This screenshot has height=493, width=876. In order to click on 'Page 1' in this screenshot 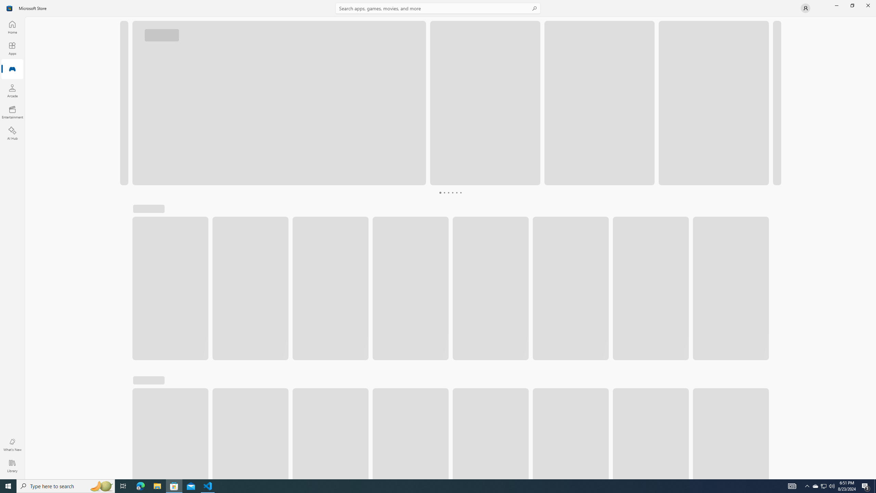, I will do `click(431, 192)`.